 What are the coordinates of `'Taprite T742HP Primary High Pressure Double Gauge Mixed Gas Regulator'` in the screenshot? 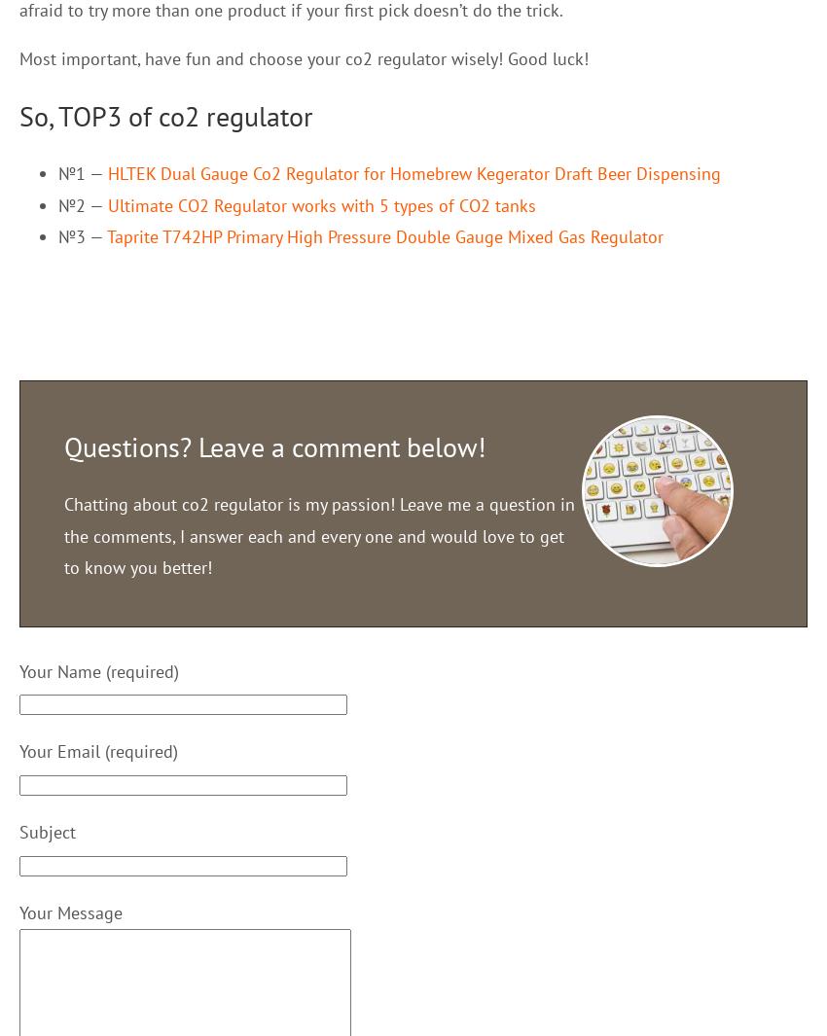 It's located at (385, 235).